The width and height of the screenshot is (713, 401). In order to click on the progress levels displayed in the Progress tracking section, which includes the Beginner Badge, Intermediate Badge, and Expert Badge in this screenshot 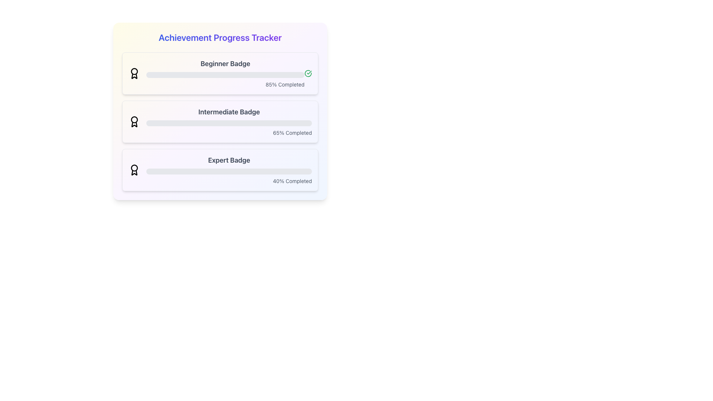, I will do `click(220, 121)`.